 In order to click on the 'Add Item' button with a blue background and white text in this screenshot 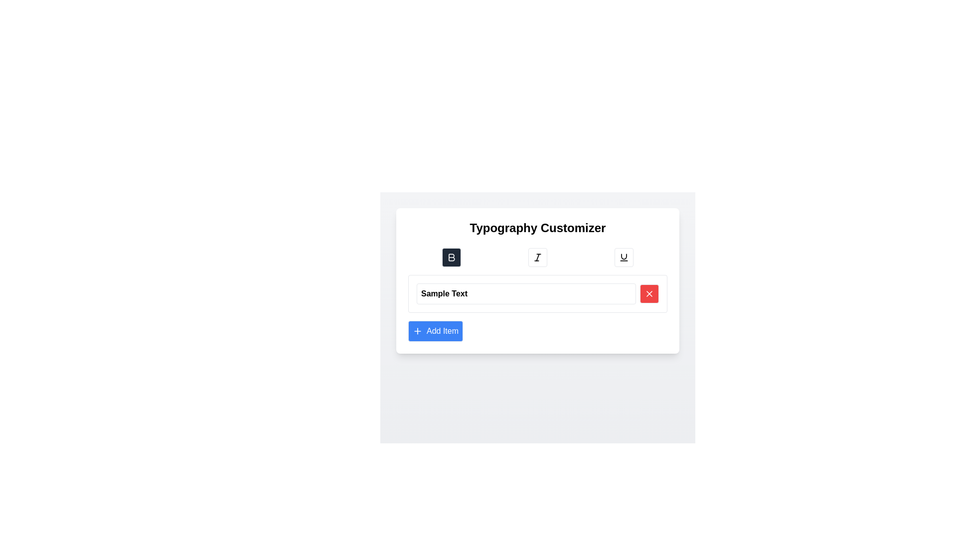, I will do `click(435, 331)`.